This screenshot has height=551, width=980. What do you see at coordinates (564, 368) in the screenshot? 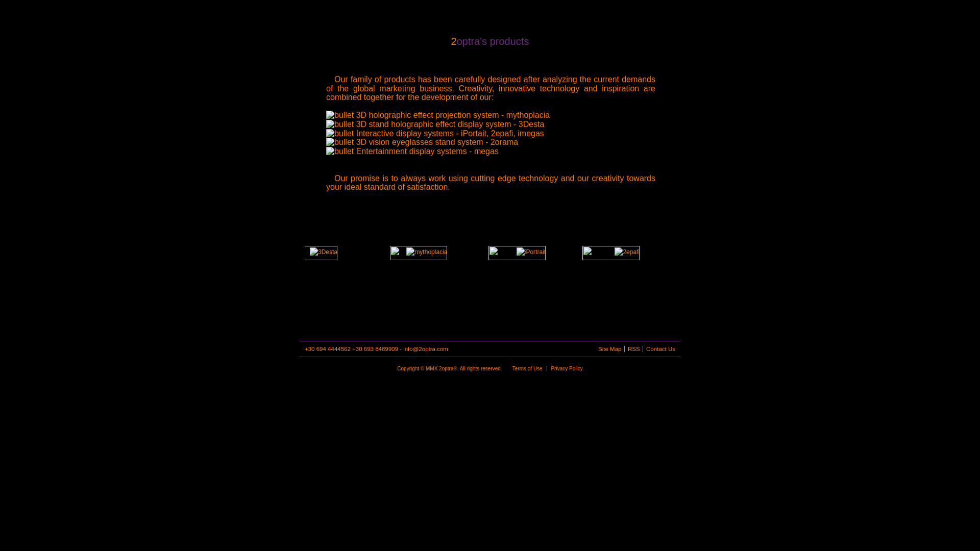
I see `'Privacy Policy'` at bounding box center [564, 368].